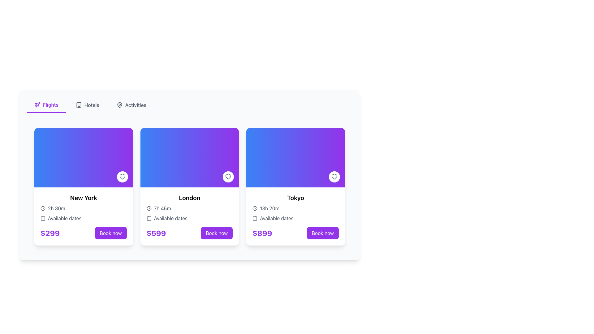 The width and height of the screenshot is (594, 334). What do you see at coordinates (322, 233) in the screenshot?
I see `the 'Book now' button with a purple background and white text located in the third column of the trip booking interface underneath the trip details for Tokyo` at bounding box center [322, 233].